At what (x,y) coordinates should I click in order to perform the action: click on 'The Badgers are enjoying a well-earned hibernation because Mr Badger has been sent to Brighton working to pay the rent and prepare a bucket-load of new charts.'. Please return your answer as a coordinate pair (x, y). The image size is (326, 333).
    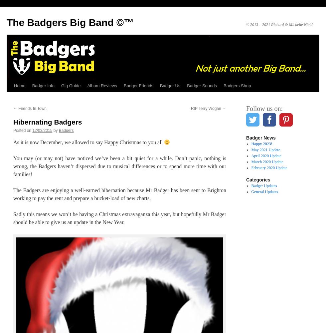
    Looking at the image, I should click on (119, 194).